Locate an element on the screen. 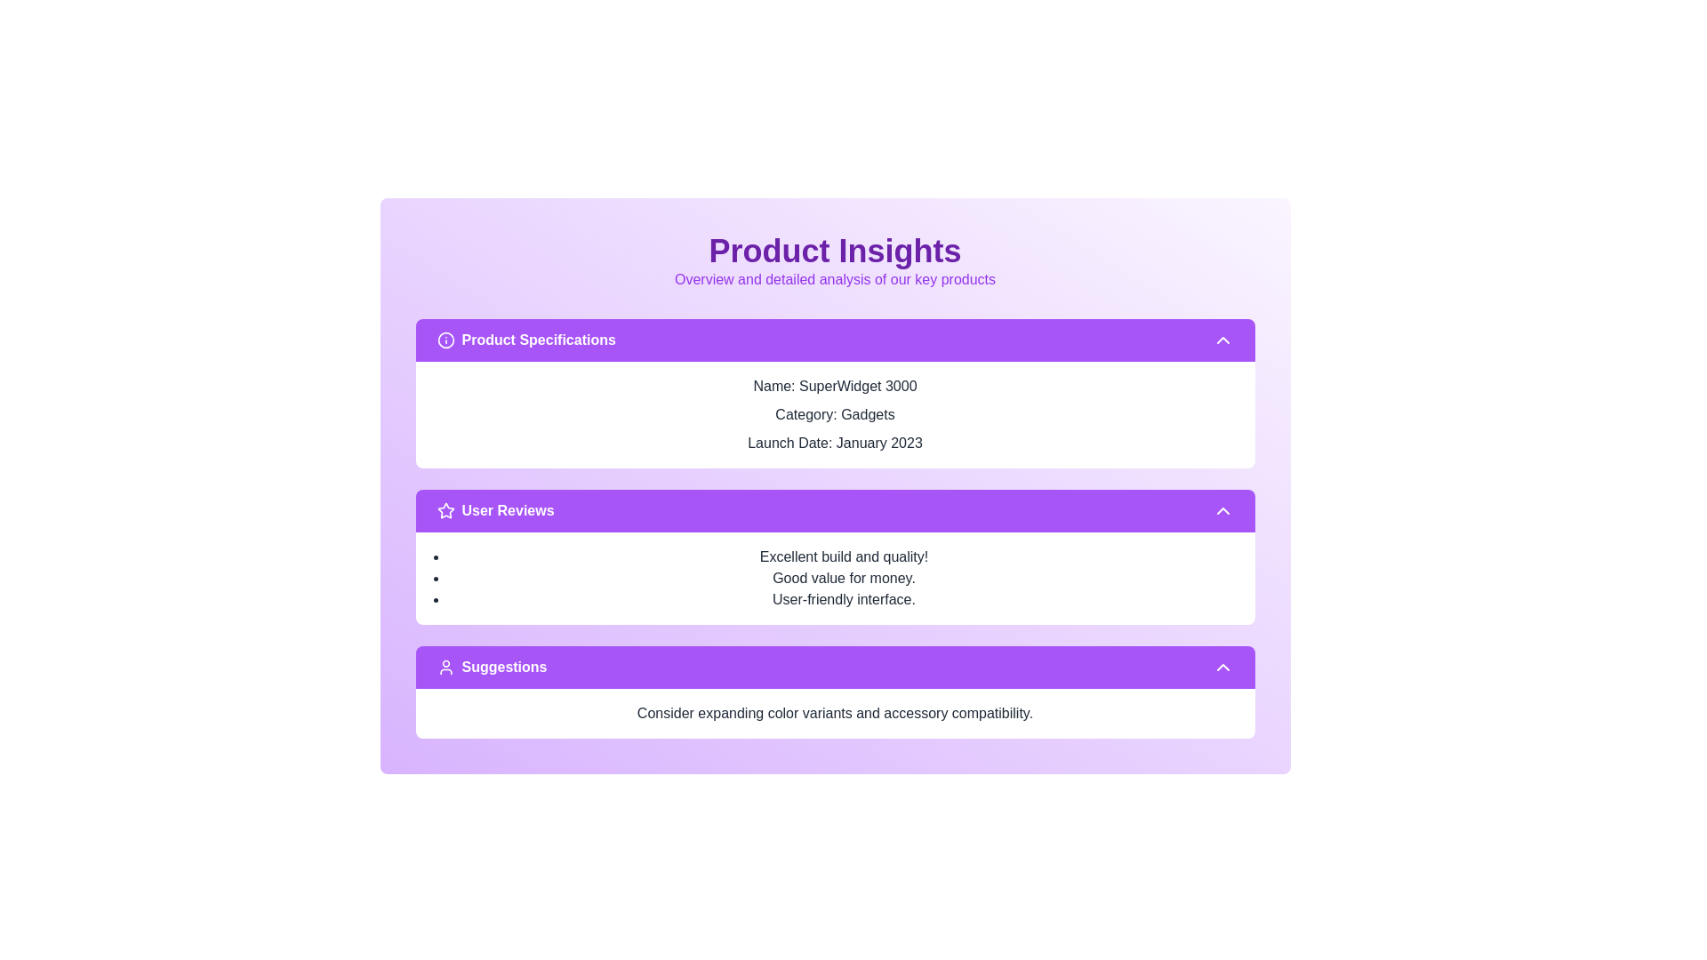 The width and height of the screenshot is (1707, 960). the Text Box located in the 'Suggestions' section beneath the purple header bar labeled 'Suggestions' is located at coordinates (834, 712).